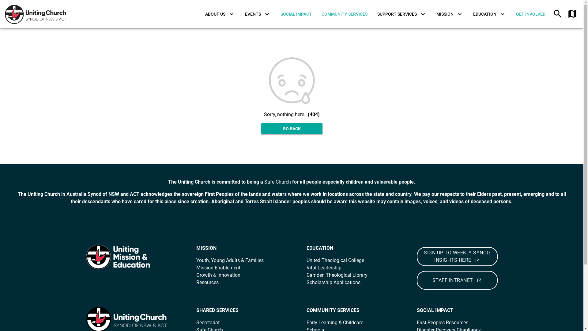  I want to click on 'GO BACK', so click(261, 128).